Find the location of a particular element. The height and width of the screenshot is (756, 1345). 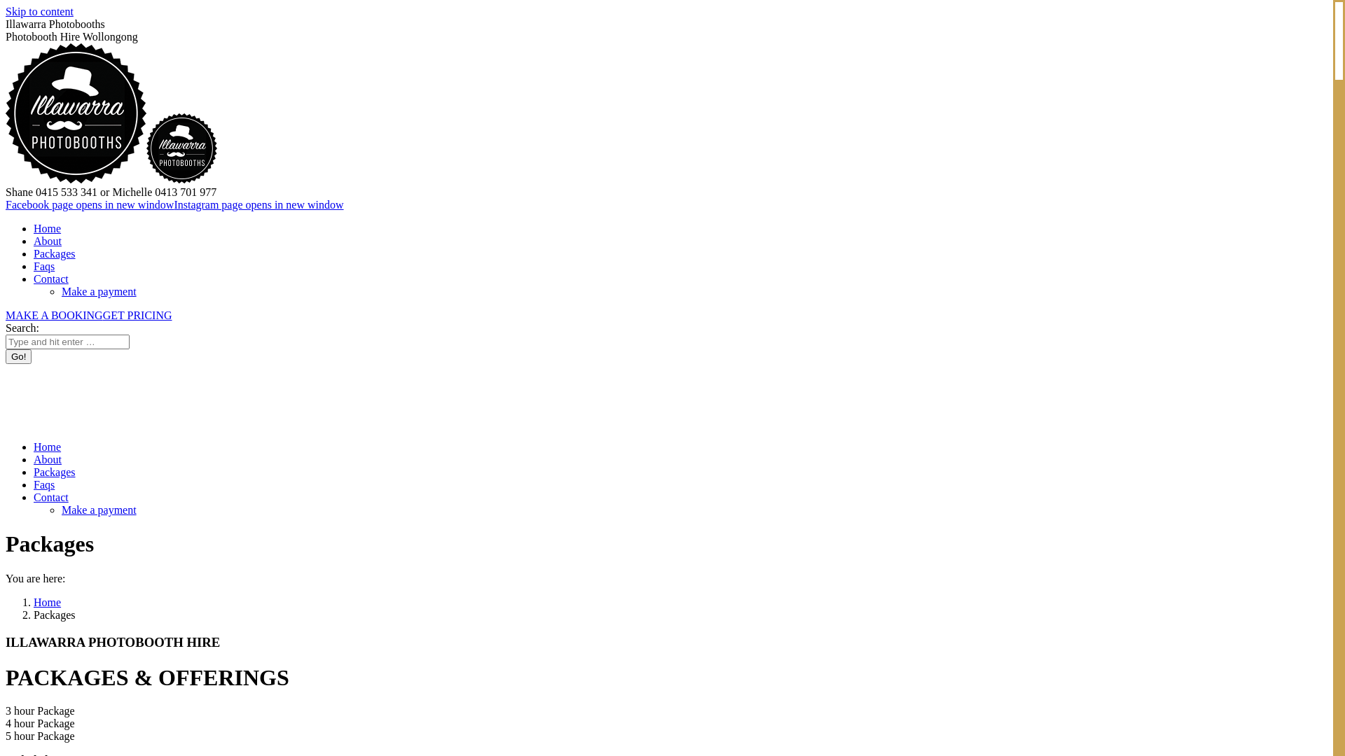

'Faqs' is located at coordinates (43, 484).